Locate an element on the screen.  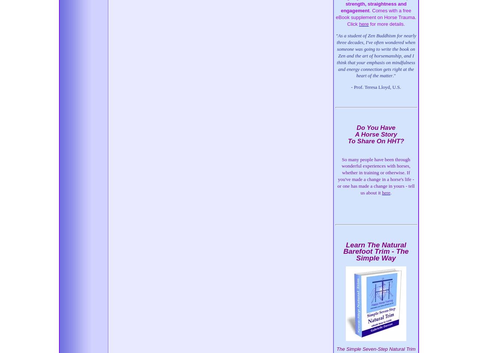
'for more details.' is located at coordinates (369, 24).